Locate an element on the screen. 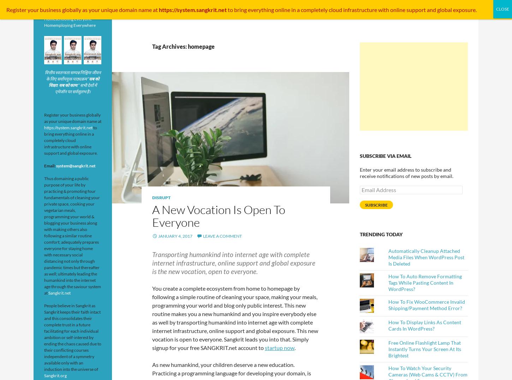 The height and width of the screenshot is (380, 512). 'Thus domaining a public purpose of your life by practicing & promoting four fundamentals of cleaning your private space, cooking your vegetarian meals, programming your world & blogging your business along with making others also following a similar routine comfort; adequately prepares everyone for staying home with necessary social distancing not only through pandemic times but thereafter as well; ultimately leading the humankind into the internet age through the saviour system at' is located at coordinates (72, 235).